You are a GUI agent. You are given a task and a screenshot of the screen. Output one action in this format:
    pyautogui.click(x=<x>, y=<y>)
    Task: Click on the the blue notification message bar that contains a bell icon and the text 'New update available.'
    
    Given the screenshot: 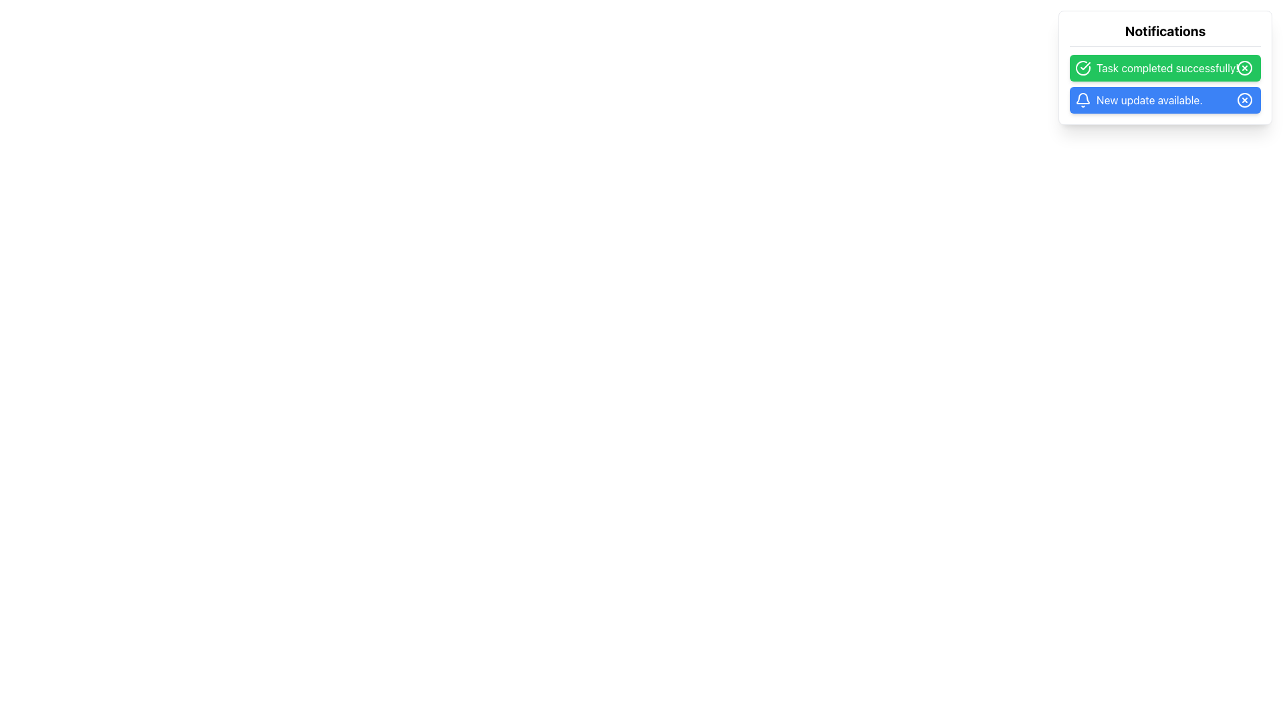 What is the action you would take?
    pyautogui.click(x=1164, y=100)
    